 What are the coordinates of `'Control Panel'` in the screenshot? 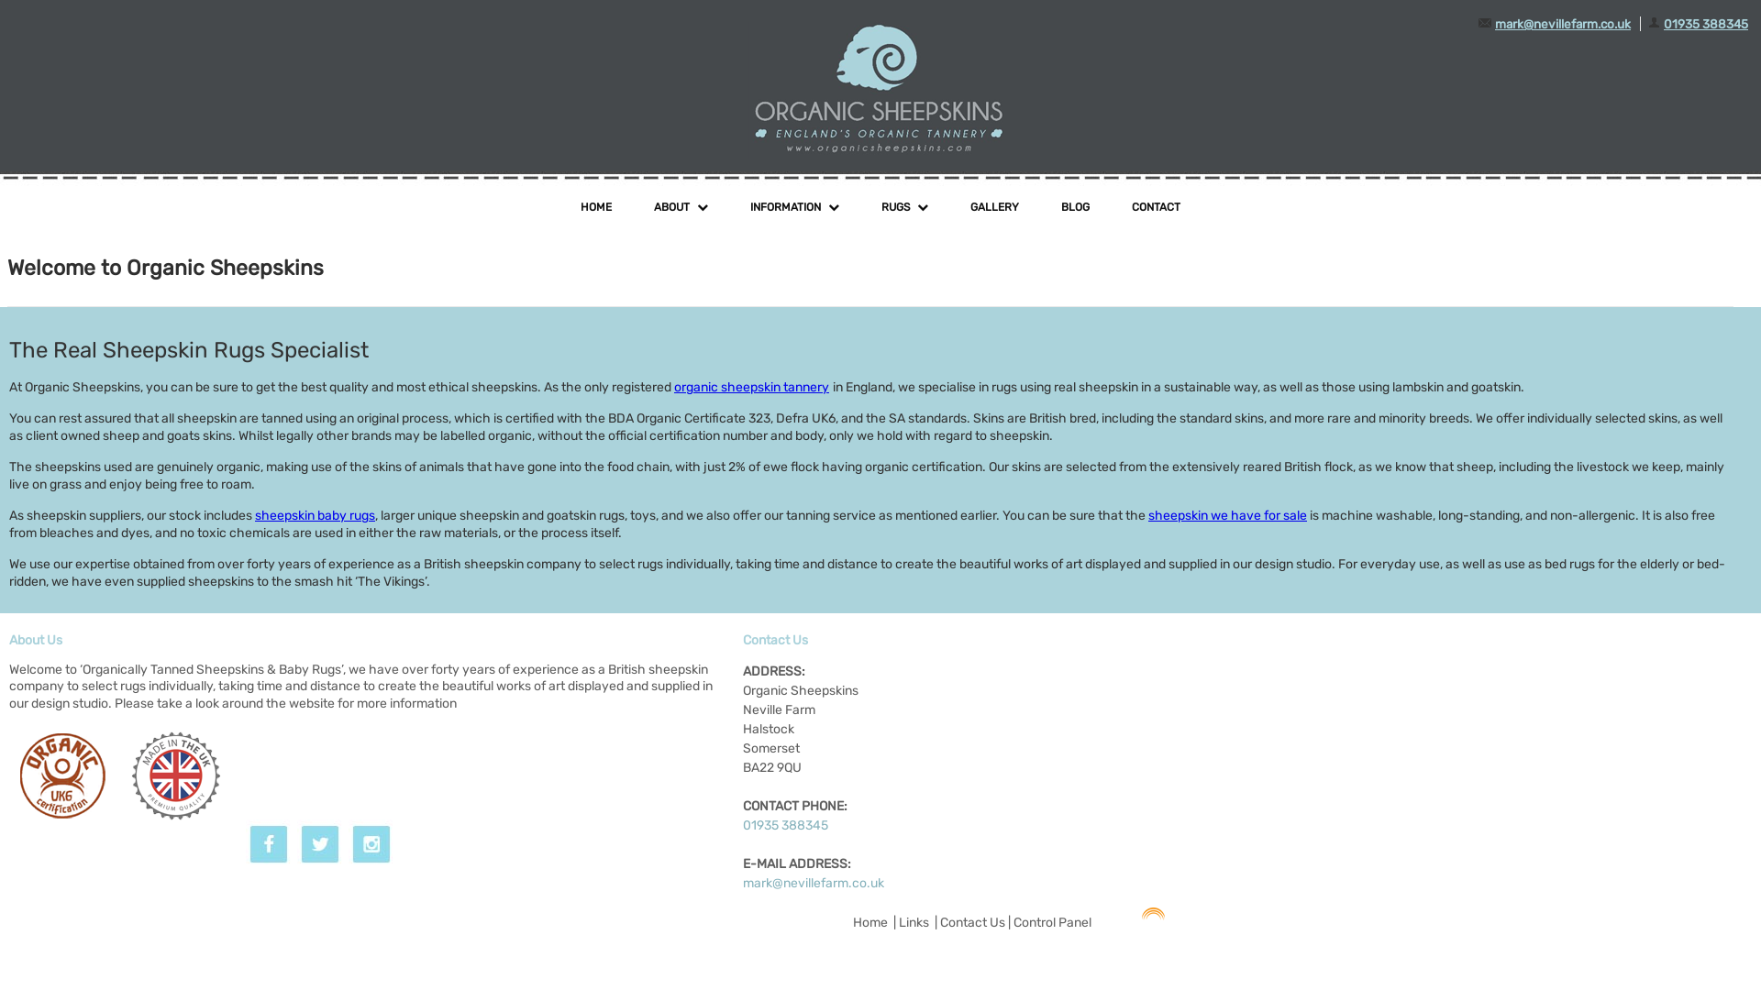 It's located at (1012, 922).